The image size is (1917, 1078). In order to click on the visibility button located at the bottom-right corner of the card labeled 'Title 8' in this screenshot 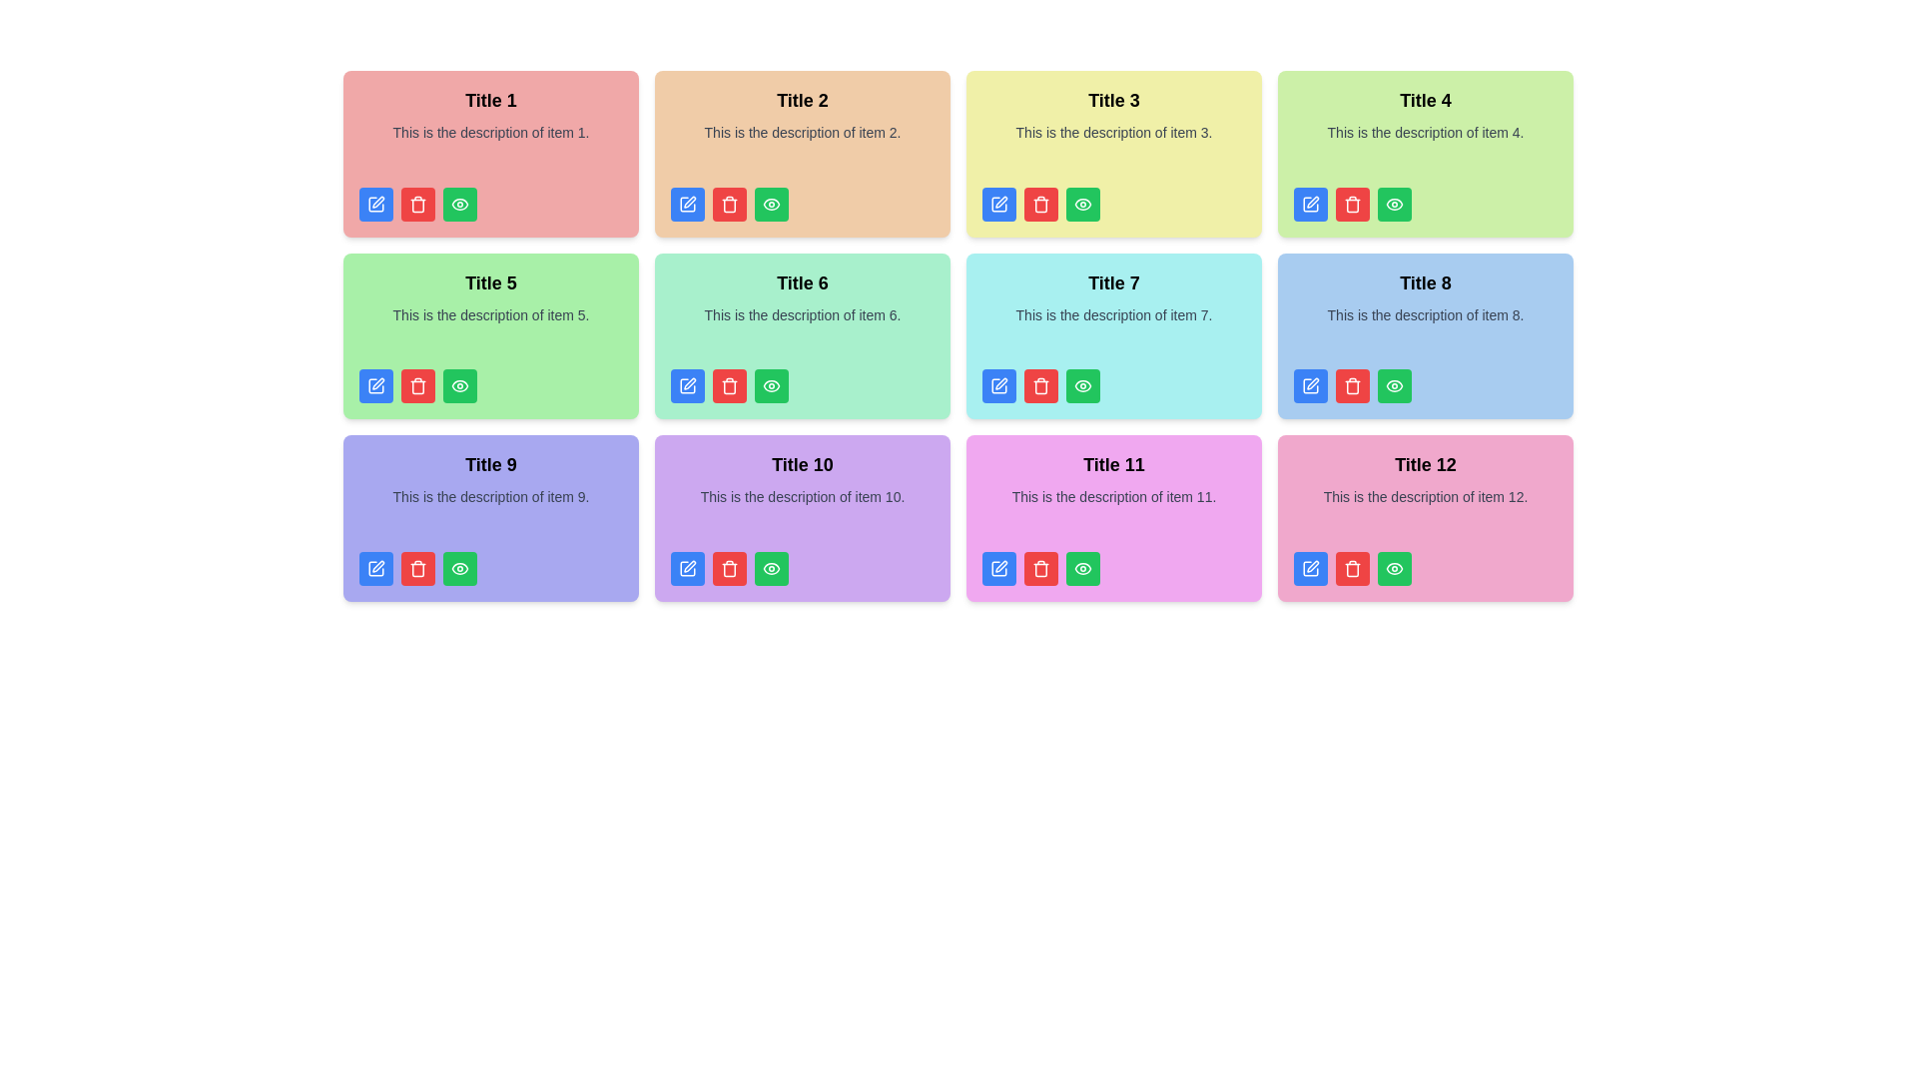, I will do `click(1393, 385)`.